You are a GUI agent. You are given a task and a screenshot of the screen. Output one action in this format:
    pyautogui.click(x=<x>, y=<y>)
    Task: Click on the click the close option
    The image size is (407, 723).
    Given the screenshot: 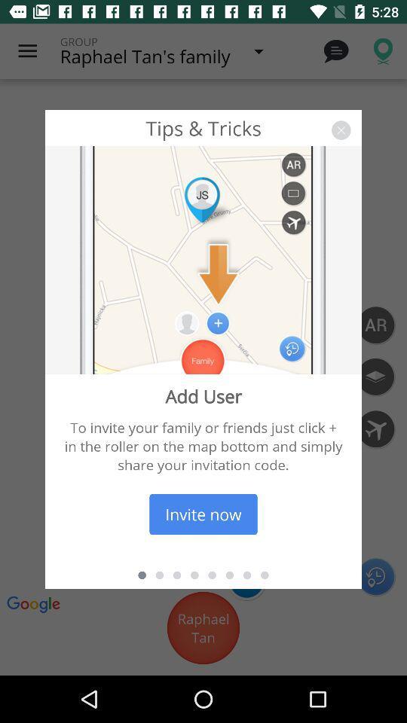 What is the action you would take?
    pyautogui.click(x=341, y=130)
    